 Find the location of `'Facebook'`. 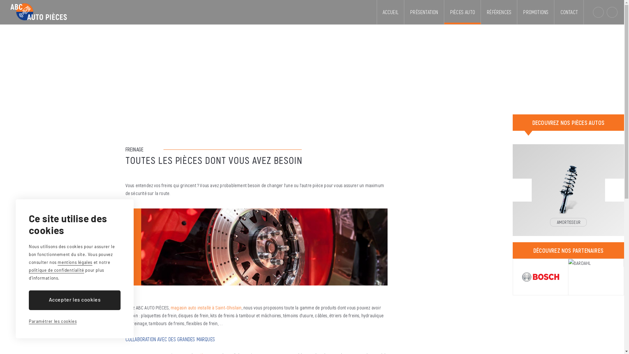

'Facebook' is located at coordinates (606, 12).